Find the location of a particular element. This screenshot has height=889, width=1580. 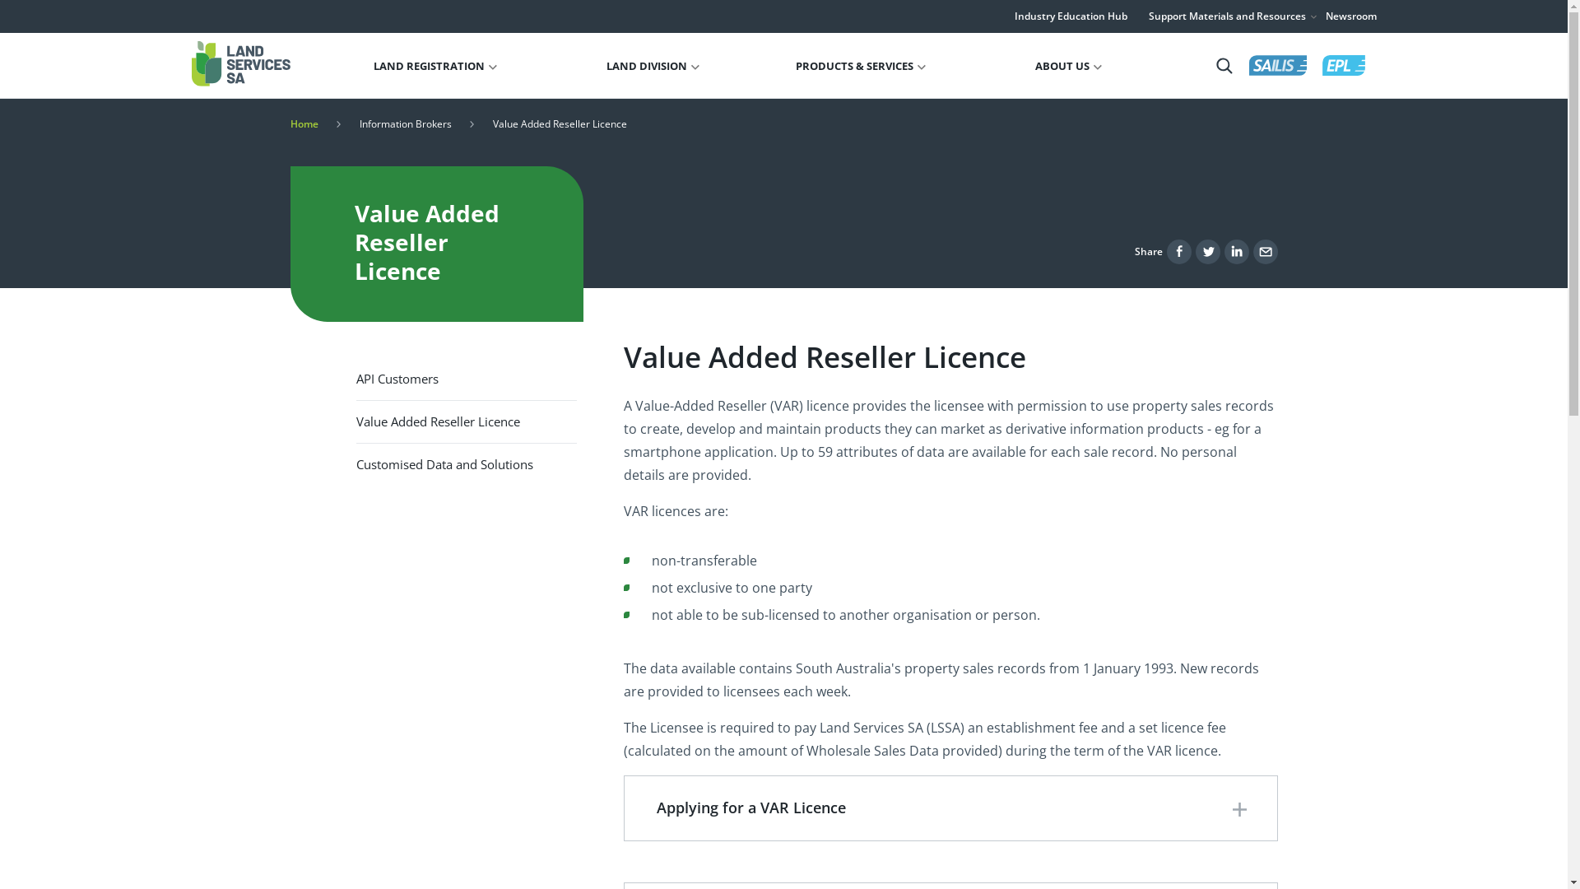

'Facebook' is located at coordinates (1178, 251).